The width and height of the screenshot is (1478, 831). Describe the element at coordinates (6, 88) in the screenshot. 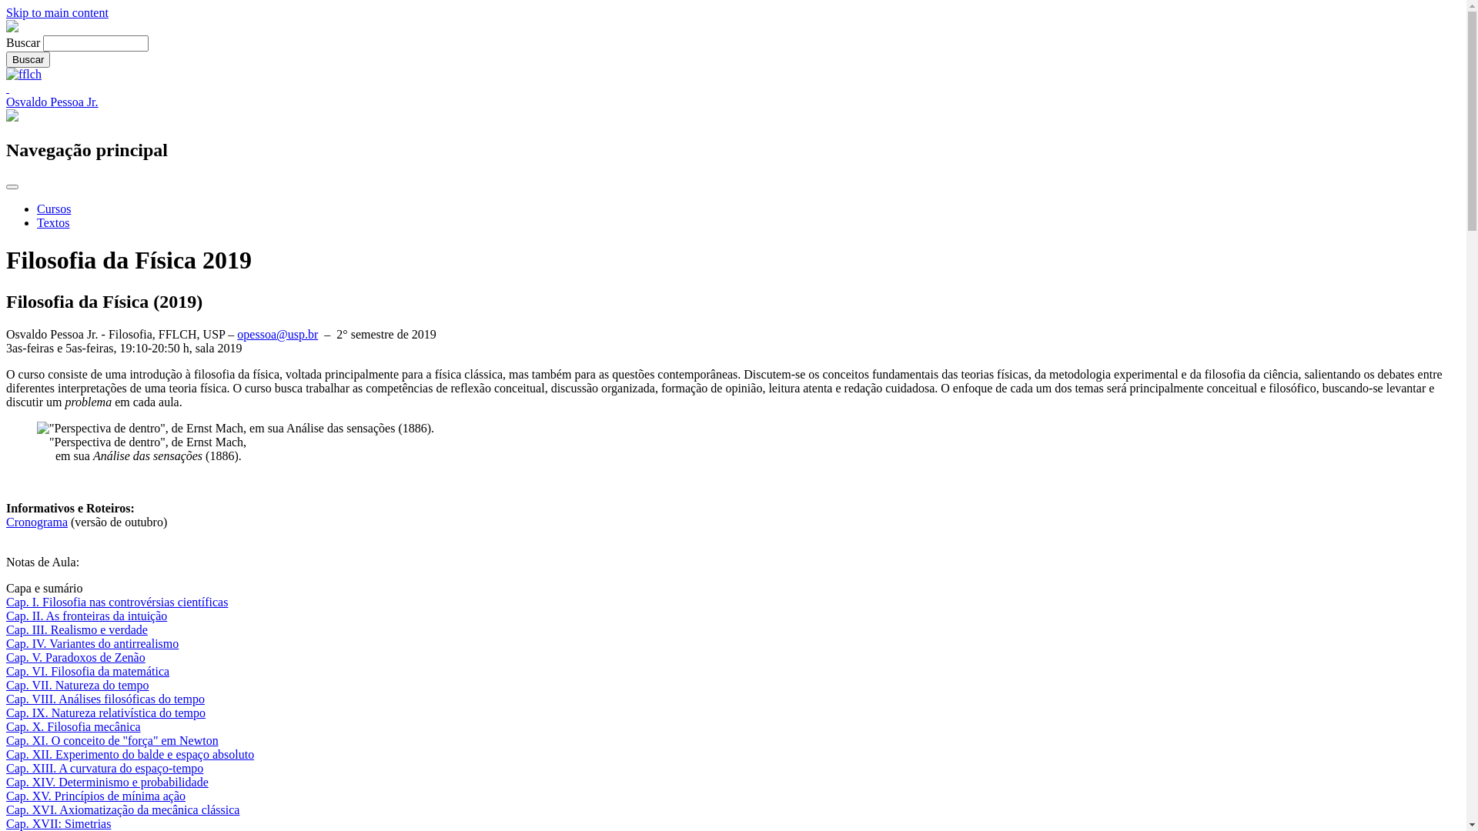

I see `' '` at that location.